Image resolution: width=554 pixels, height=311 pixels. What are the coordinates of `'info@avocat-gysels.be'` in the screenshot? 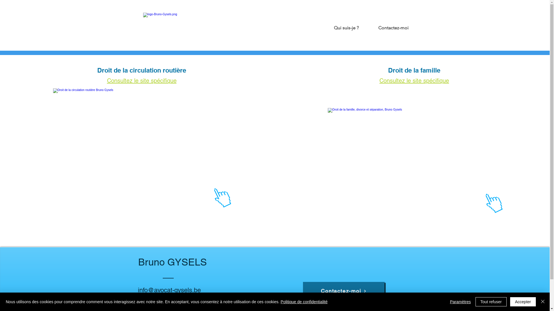 It's located at (169, 290).